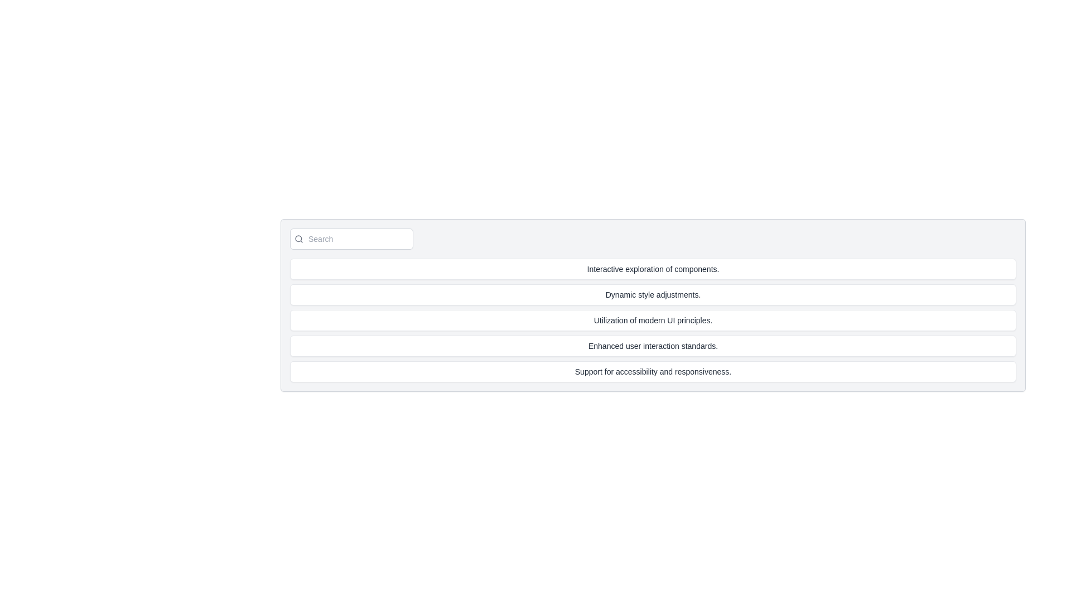 The width and height of the screenshot is (1071, 602). I want to click on the character 'n' which is part of the phrase 'Enhanced user interaction standards.' located towards the end of the displayed sentence, so click(693, 346).